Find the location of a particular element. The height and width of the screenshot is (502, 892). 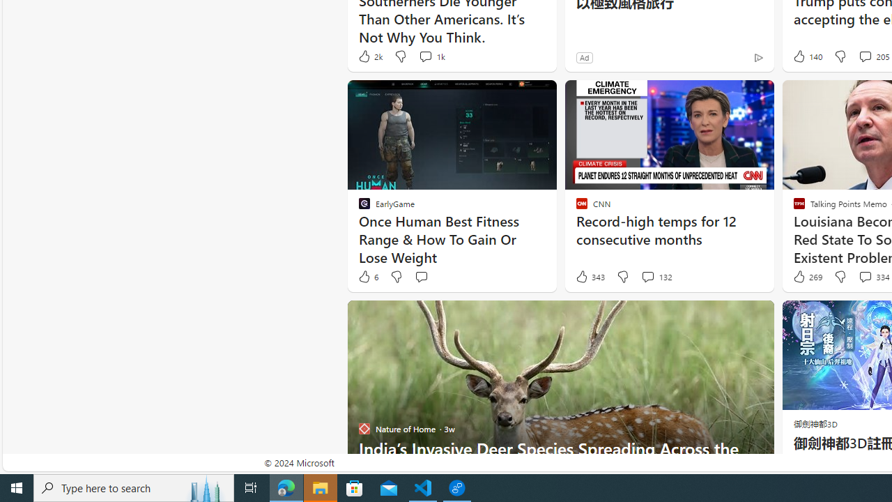

'343 Like' is located at coordinates (590, 277).